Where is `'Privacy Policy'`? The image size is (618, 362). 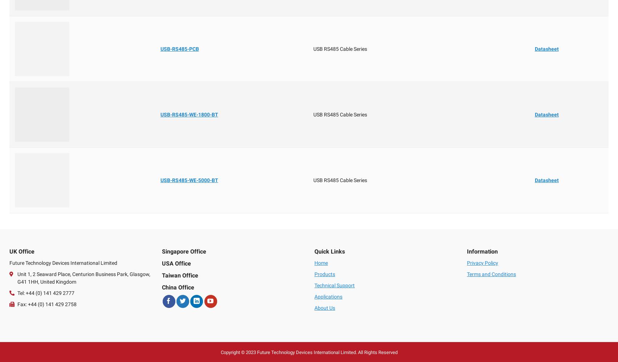
'Privacy Policy' is located at coordinates (482, 263).